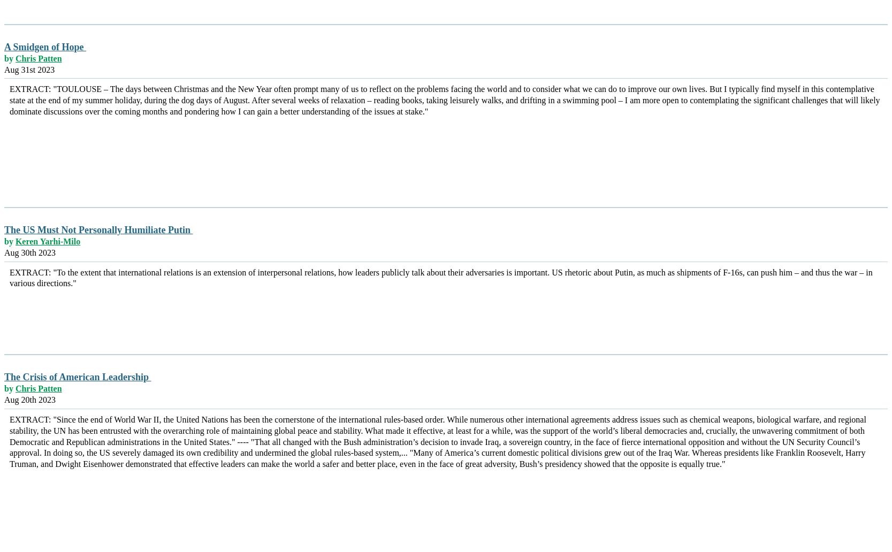 The width and height of the screenshot is (892, 552). What do you see at coordinates (30, 251) in the screenshot?
I see `'Aug 30th 2023'` at bounding box center [30, 251].